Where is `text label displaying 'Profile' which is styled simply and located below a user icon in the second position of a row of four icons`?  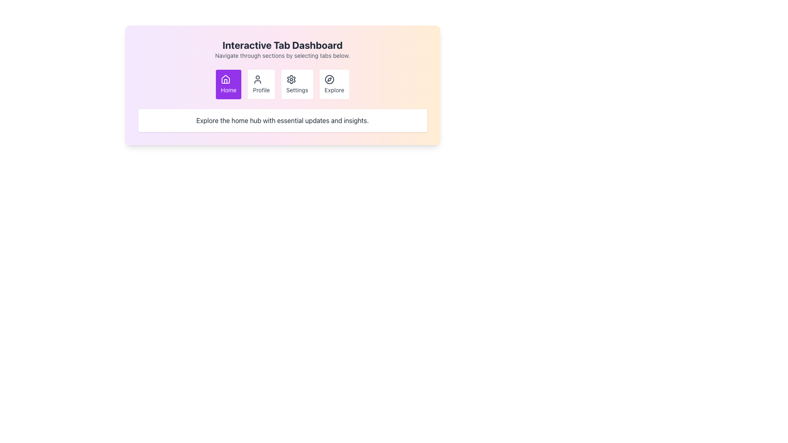 text label displaying 'Profile' which is styled simply and located below a user icon in the second position of a row of four icons is located at coordinates (261, 90).